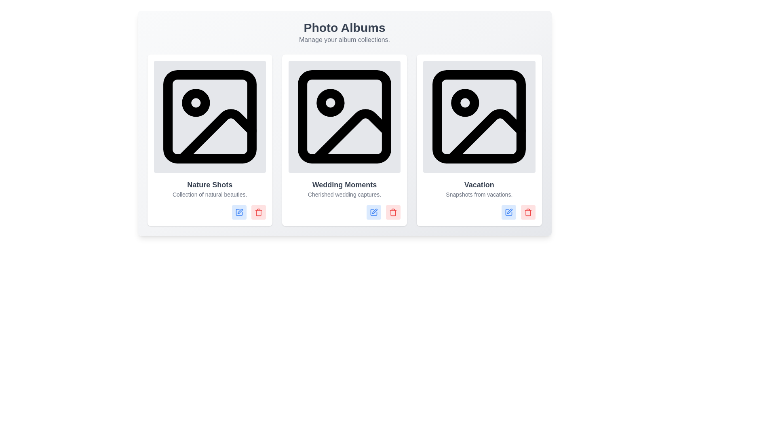 This screenshot has width=776, height=436. What do you see at coordinates (258, 212) in the screenshot?
I see `delete button for the album named Nature Shots` at bounding box center [258, 212].